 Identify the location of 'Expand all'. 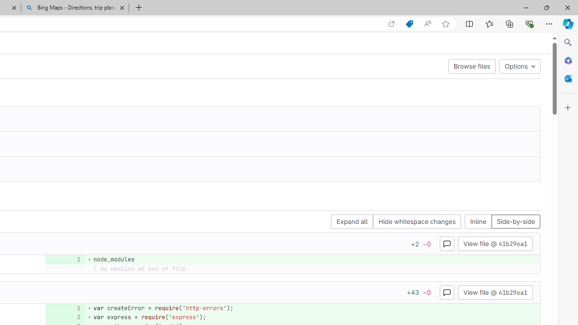
(352, 222).